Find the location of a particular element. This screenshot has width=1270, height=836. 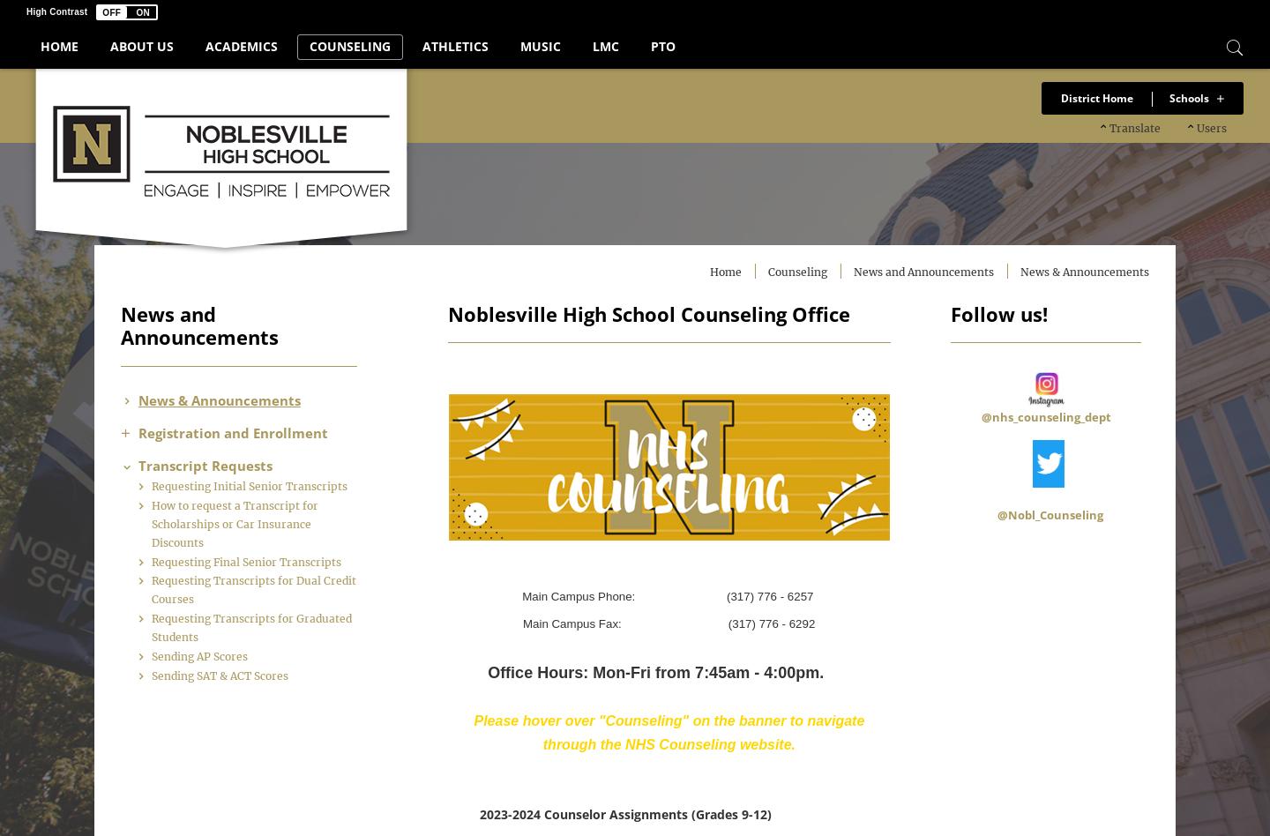

'Requesting Transcripts for Dual Credit Courses' is located at coordinates (272, 627).